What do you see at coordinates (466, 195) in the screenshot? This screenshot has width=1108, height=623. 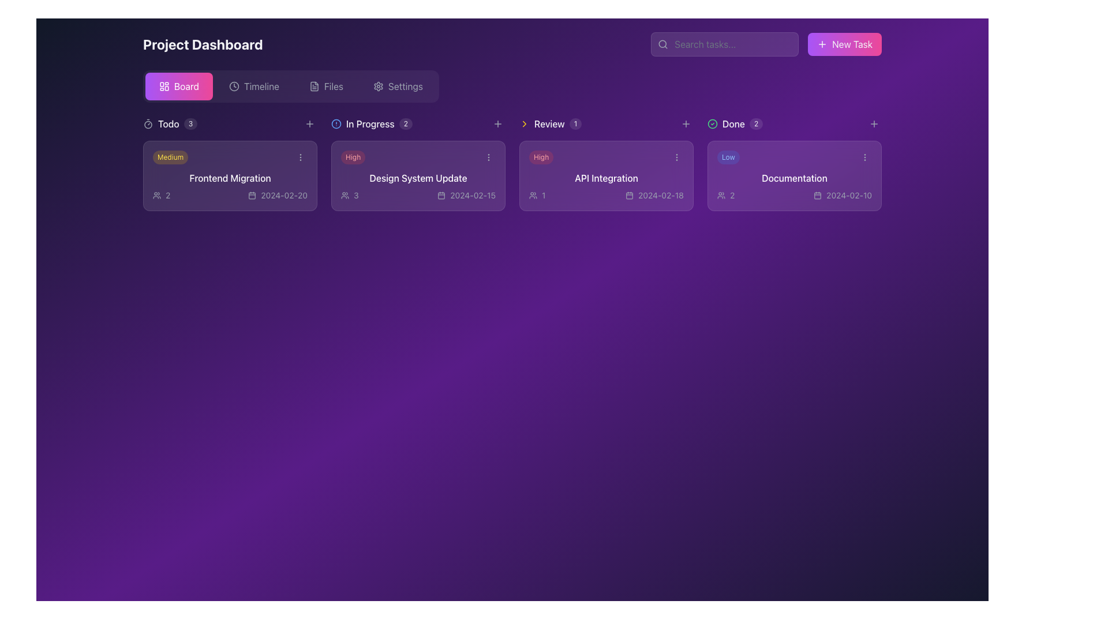 I see `date value '2024-02-15' from the calendar icon and date label located in the second card of the 'In Progress' section, below the text 'Design System Update'` at bounding box center [466, 195].